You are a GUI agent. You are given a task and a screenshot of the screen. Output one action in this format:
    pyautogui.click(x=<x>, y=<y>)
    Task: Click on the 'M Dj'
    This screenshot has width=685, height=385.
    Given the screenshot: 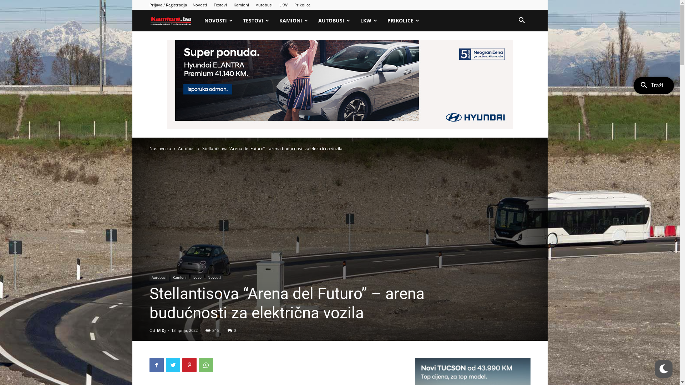 What is the action you would take?
    pyautogui.click(x=161, y=330)
    